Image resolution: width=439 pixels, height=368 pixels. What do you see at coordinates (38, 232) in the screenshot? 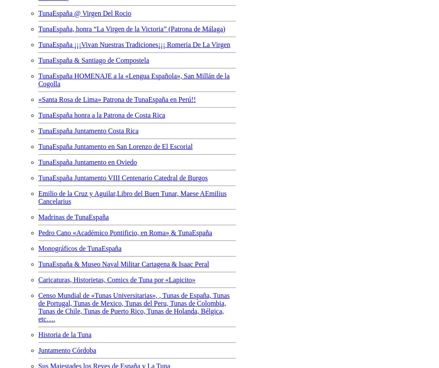
I see `'Pedro Cano «Académico Pontificio, en Roma» & TunaEspaña'` at bounding box center [38, 232].